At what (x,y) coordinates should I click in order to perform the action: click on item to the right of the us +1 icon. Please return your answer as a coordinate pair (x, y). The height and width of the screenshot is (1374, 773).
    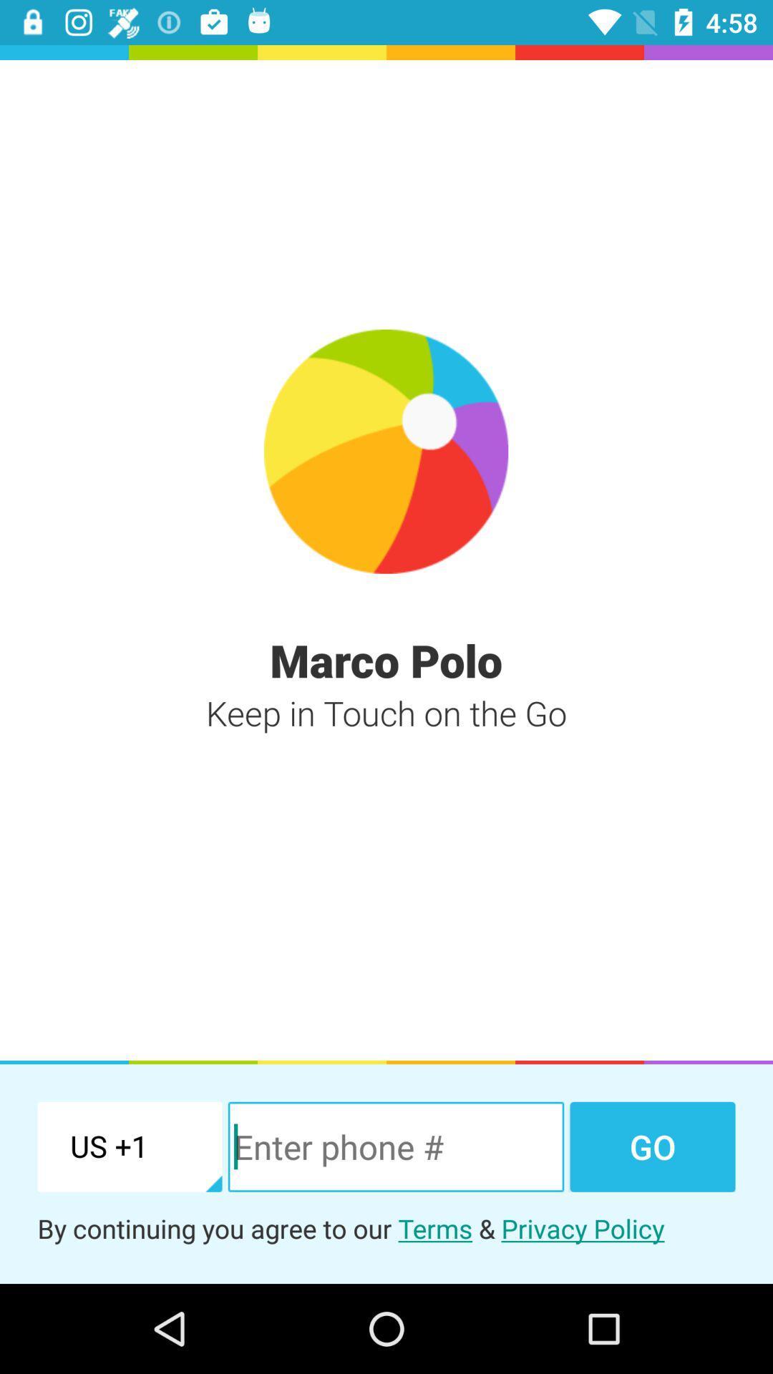
    Looking at the image, I should click on (396, 1146).